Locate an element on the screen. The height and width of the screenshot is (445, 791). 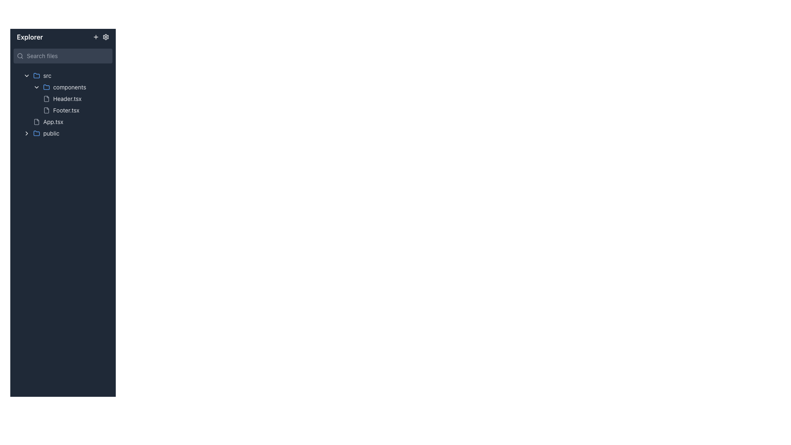
the SVG folder icon representing the 'components' directory in the file explorer interface is located at coordinates (46, 87).